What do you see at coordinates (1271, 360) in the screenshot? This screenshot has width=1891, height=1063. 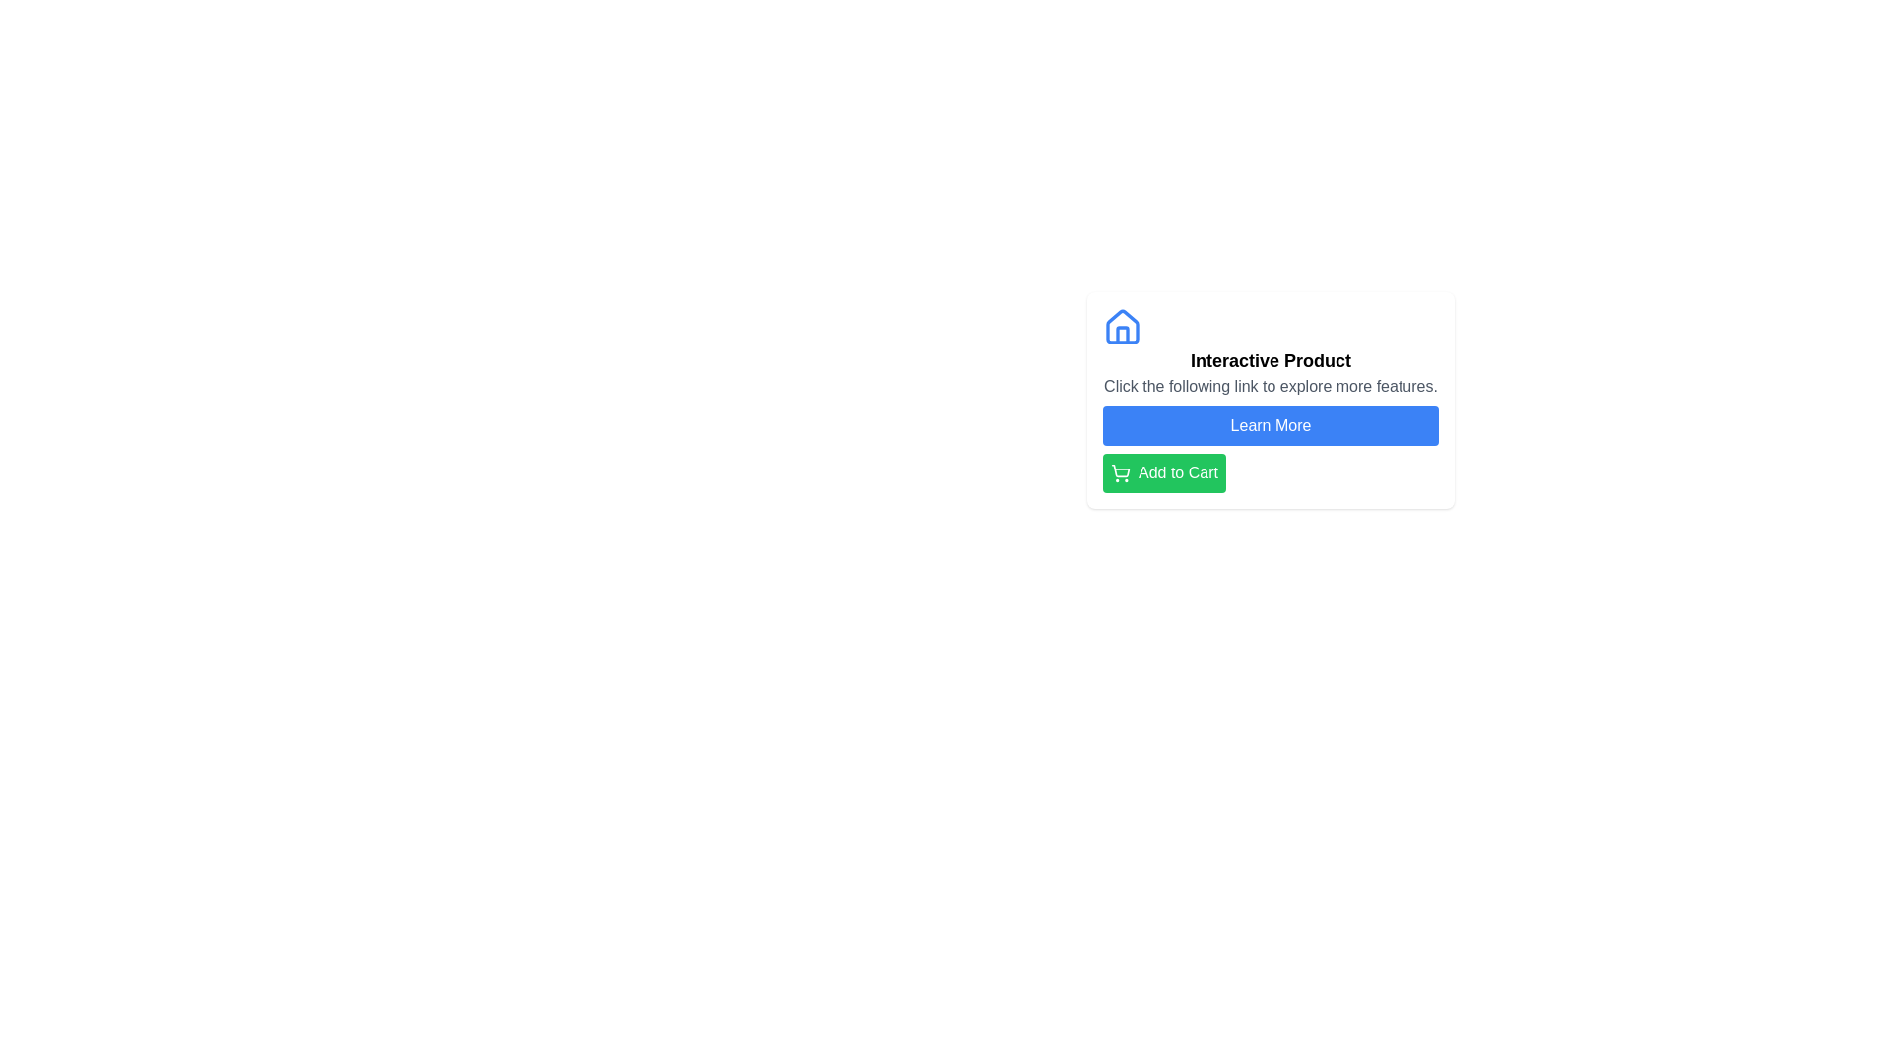 I see `the text label that serves as a heading or title, centrally placed above the descriptive text 'Click the following link` at bounding box center [1271, 360].